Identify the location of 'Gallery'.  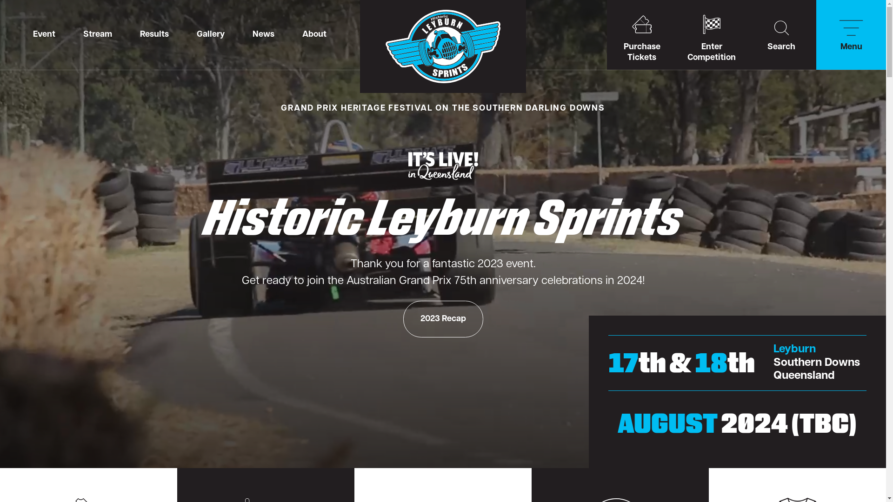
(210, 34).